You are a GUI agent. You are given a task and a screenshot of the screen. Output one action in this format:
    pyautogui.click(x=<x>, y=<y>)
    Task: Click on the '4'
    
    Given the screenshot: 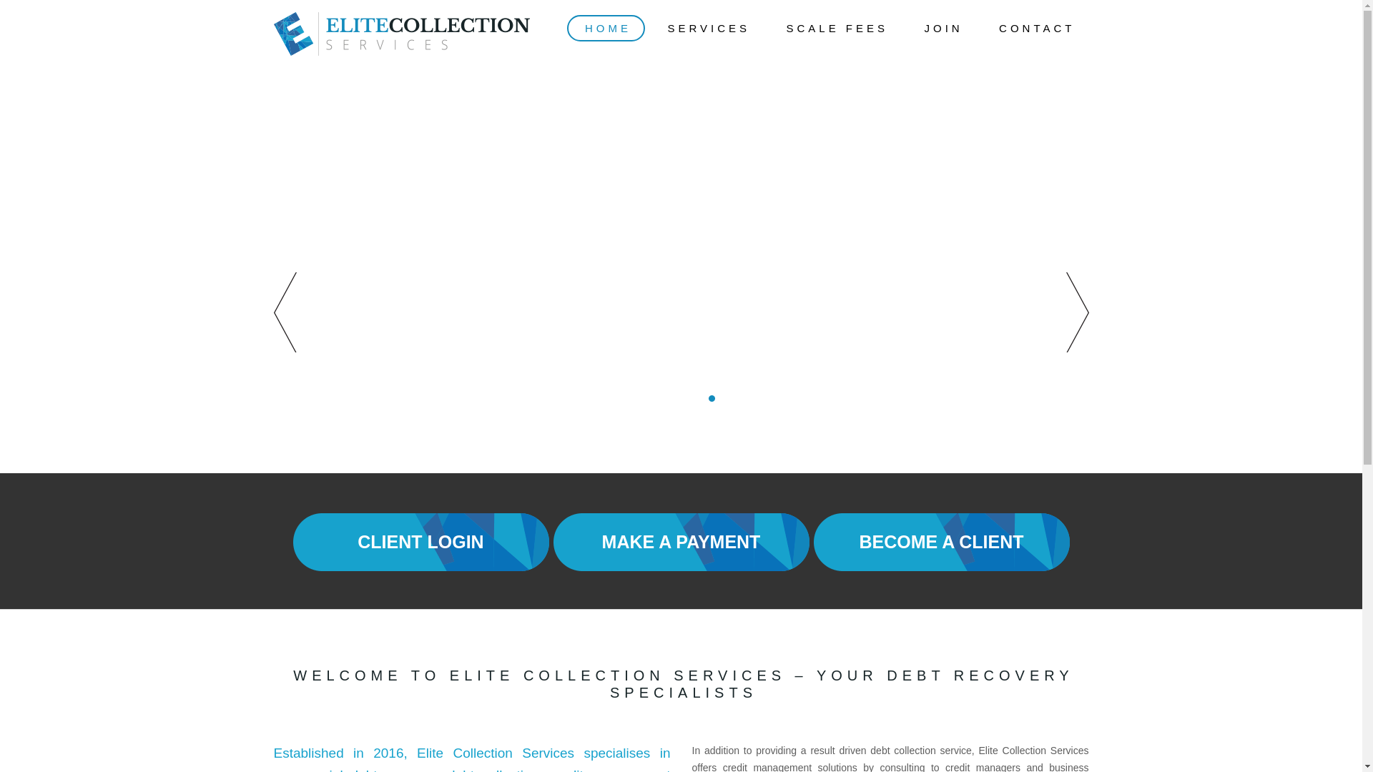 What is the action you would take?
    pyautogui.click(x=686, y=398)
    